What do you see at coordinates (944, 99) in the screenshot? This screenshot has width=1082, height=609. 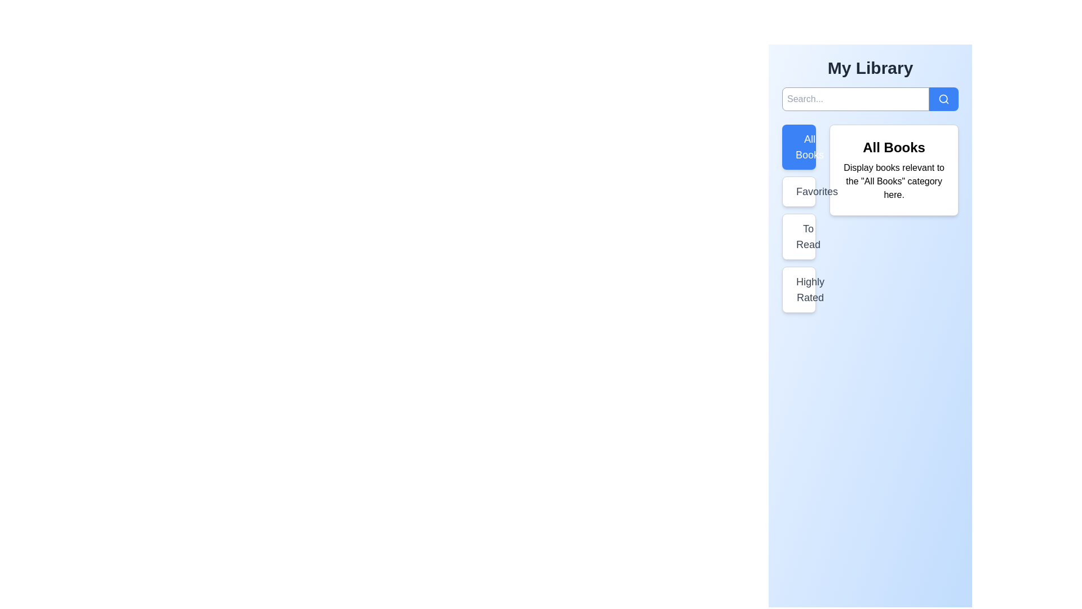 I see `the blue rectangular button with rounded right corners and a white magnifying glass icon to initiate a search` at bounding box center [944, 99].